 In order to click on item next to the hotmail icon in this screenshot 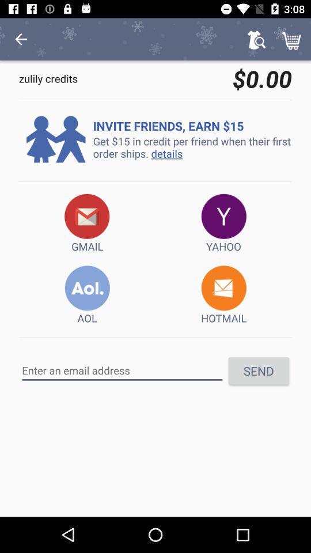, I will do `click(86, 295)`.